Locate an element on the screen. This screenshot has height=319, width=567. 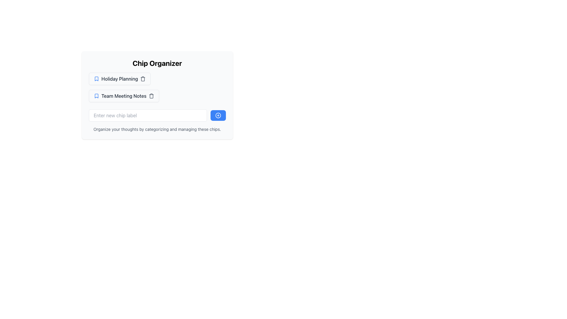
the circular button with a blue background and a white plus sign located at the right end of the text input field is located at coordinates (218, 115).